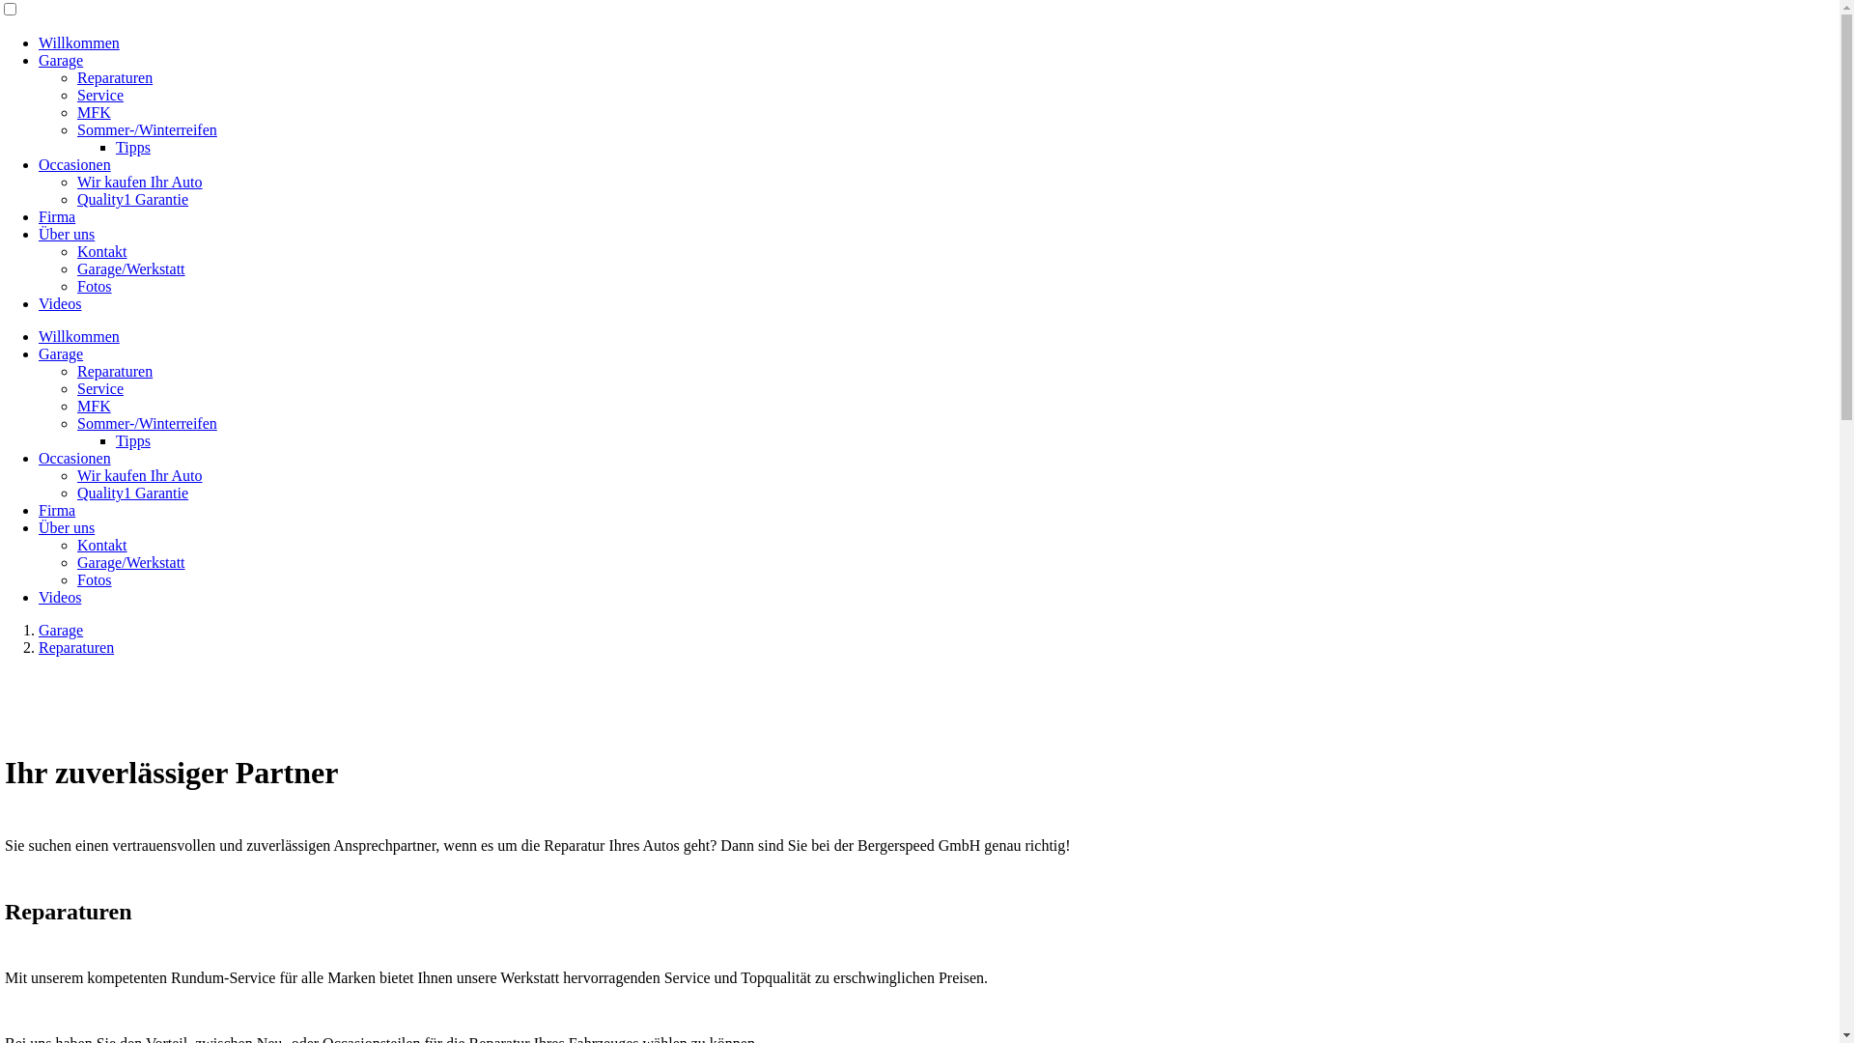  Describe the element at coordinates (60, 59) in the screenshot. I see `'Garage'` at that location.